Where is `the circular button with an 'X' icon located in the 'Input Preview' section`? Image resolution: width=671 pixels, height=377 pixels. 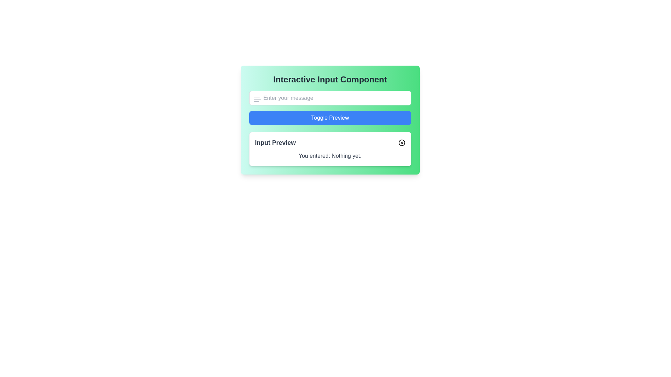 the circular button with an 'X' icon located in the 'Input Preview' section is located at coordinates (402, 142).